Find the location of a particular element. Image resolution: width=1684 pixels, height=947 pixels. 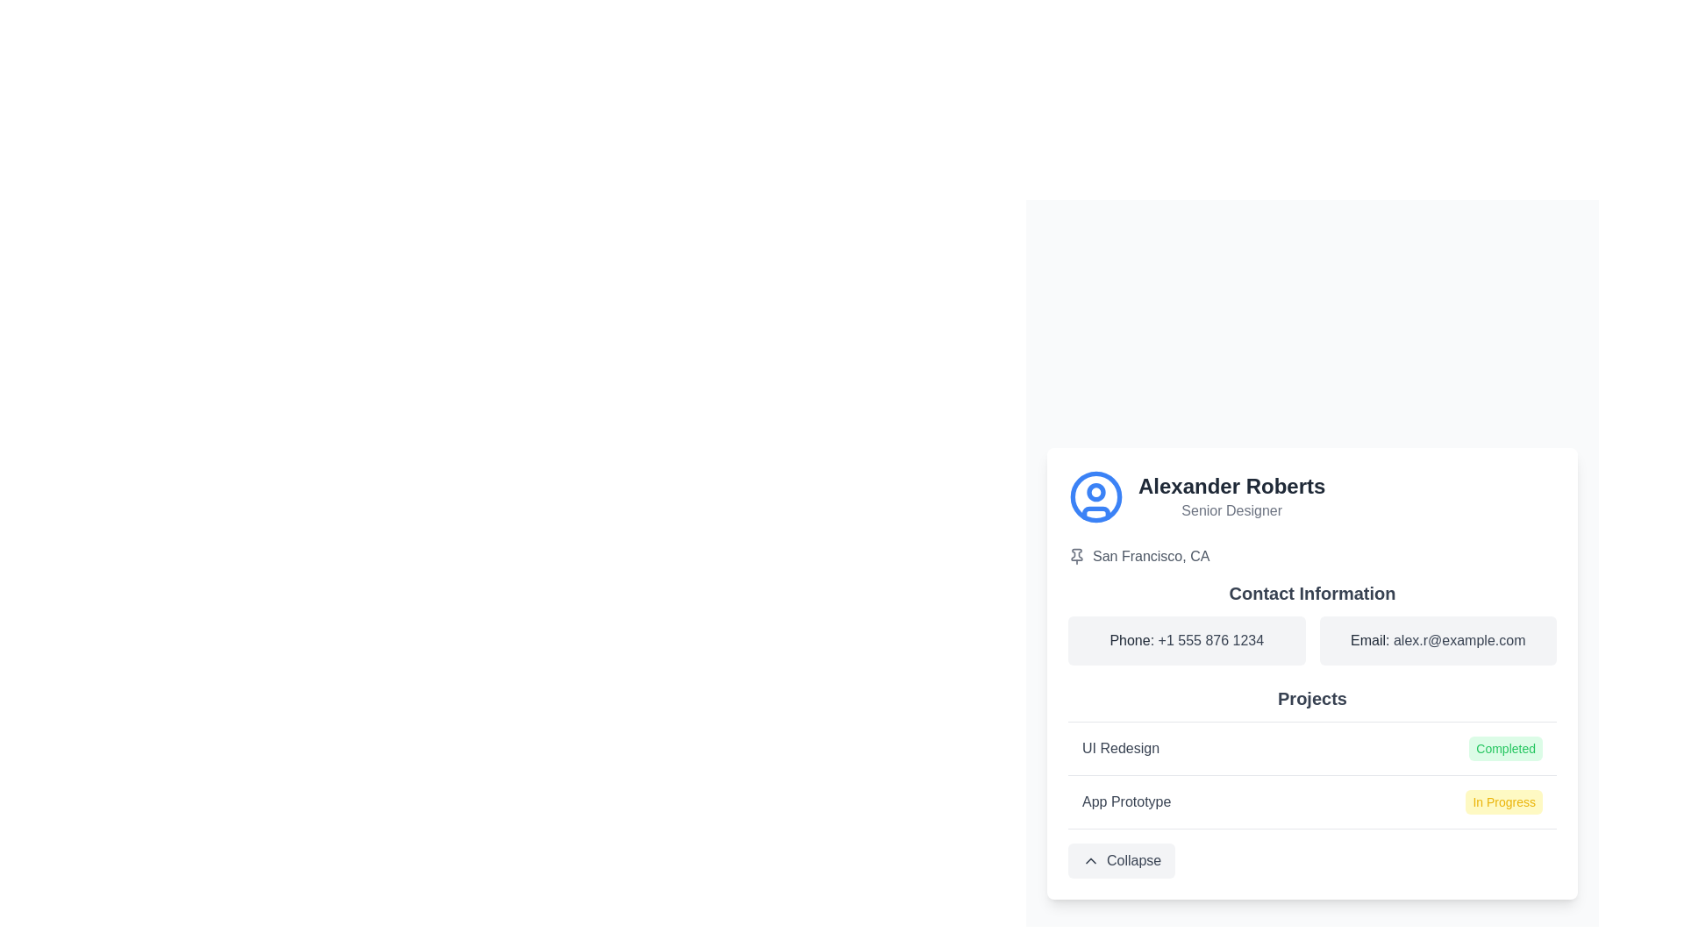

the text displaying the name and job title of the user located in the right-side card of the interface, above the 'San Francisco, CA' location text is located at coordinates (1231, 496).